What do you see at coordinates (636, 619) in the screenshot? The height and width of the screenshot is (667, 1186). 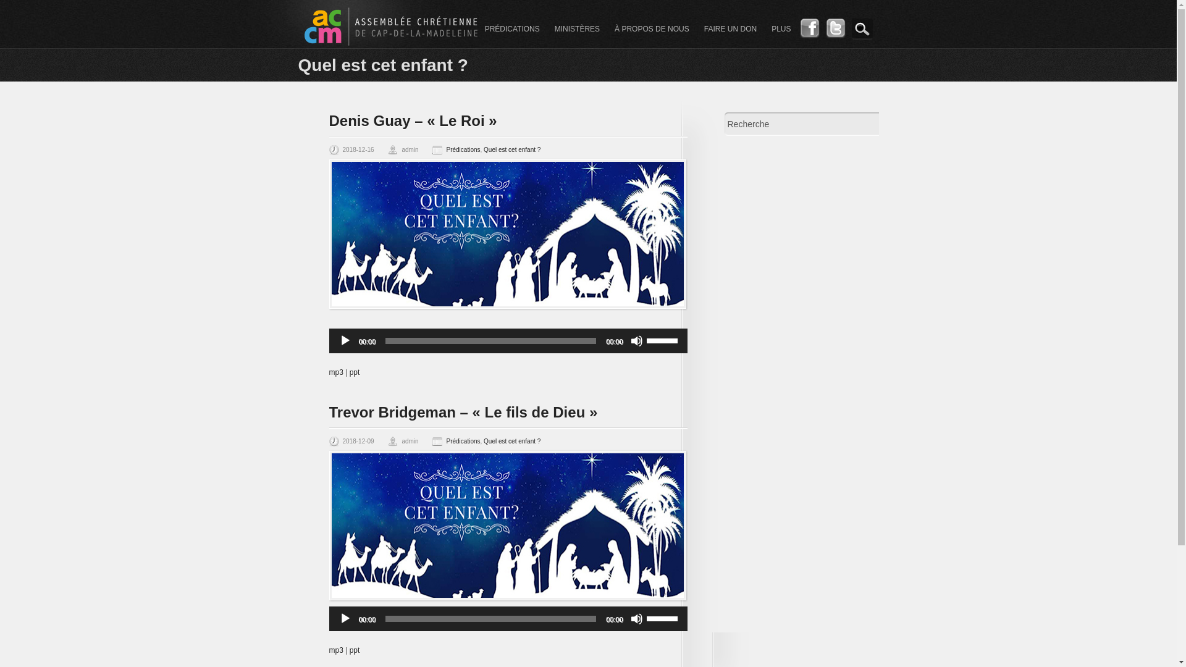 I see `'Muet'` at bounding box center [636, 619].